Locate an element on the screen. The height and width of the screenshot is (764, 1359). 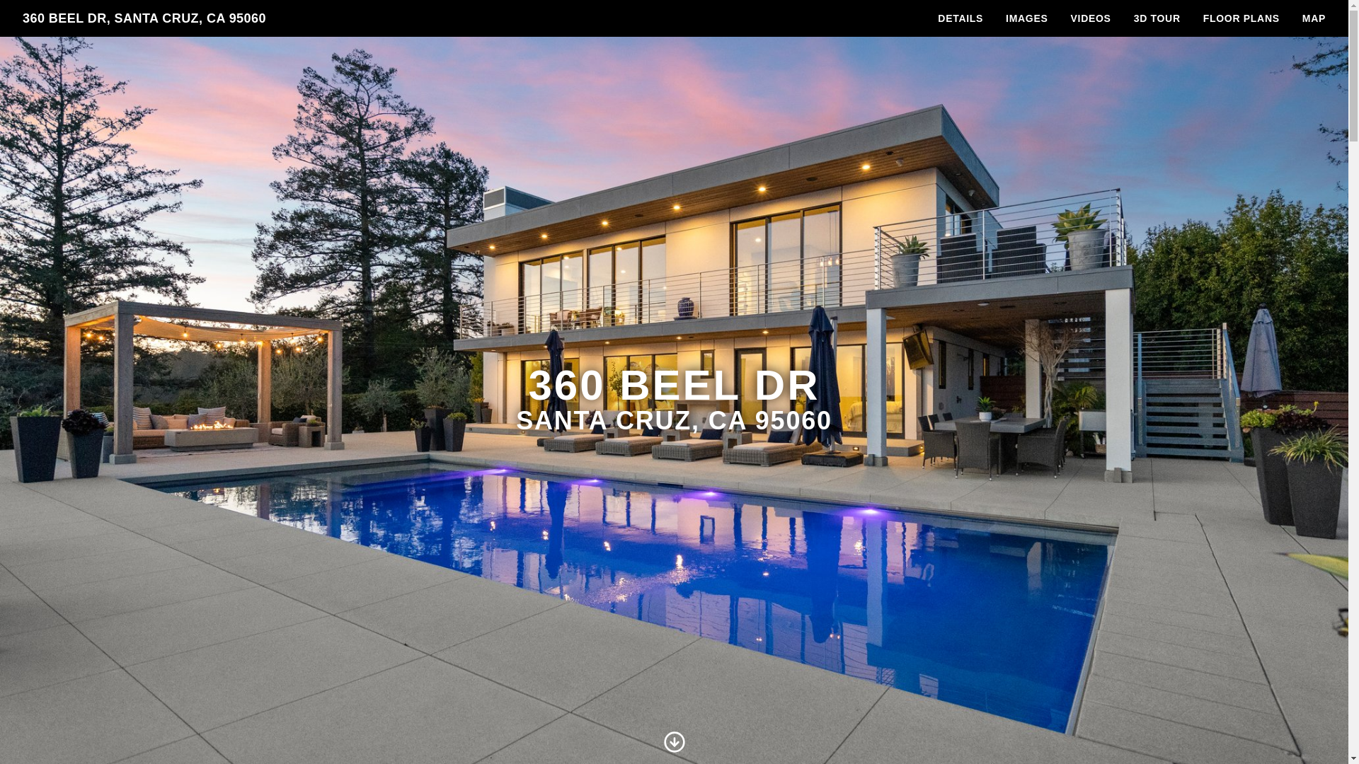
'VIDEOS' is located at coordinates (1090, 18).